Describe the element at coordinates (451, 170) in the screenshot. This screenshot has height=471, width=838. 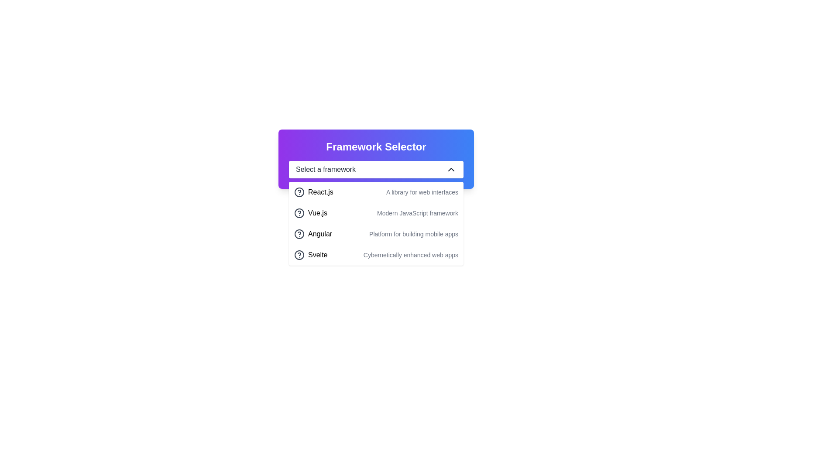
I see `the chevron indicator at the rightmost end of the 'Select a framework' dropdown menu` at that location.